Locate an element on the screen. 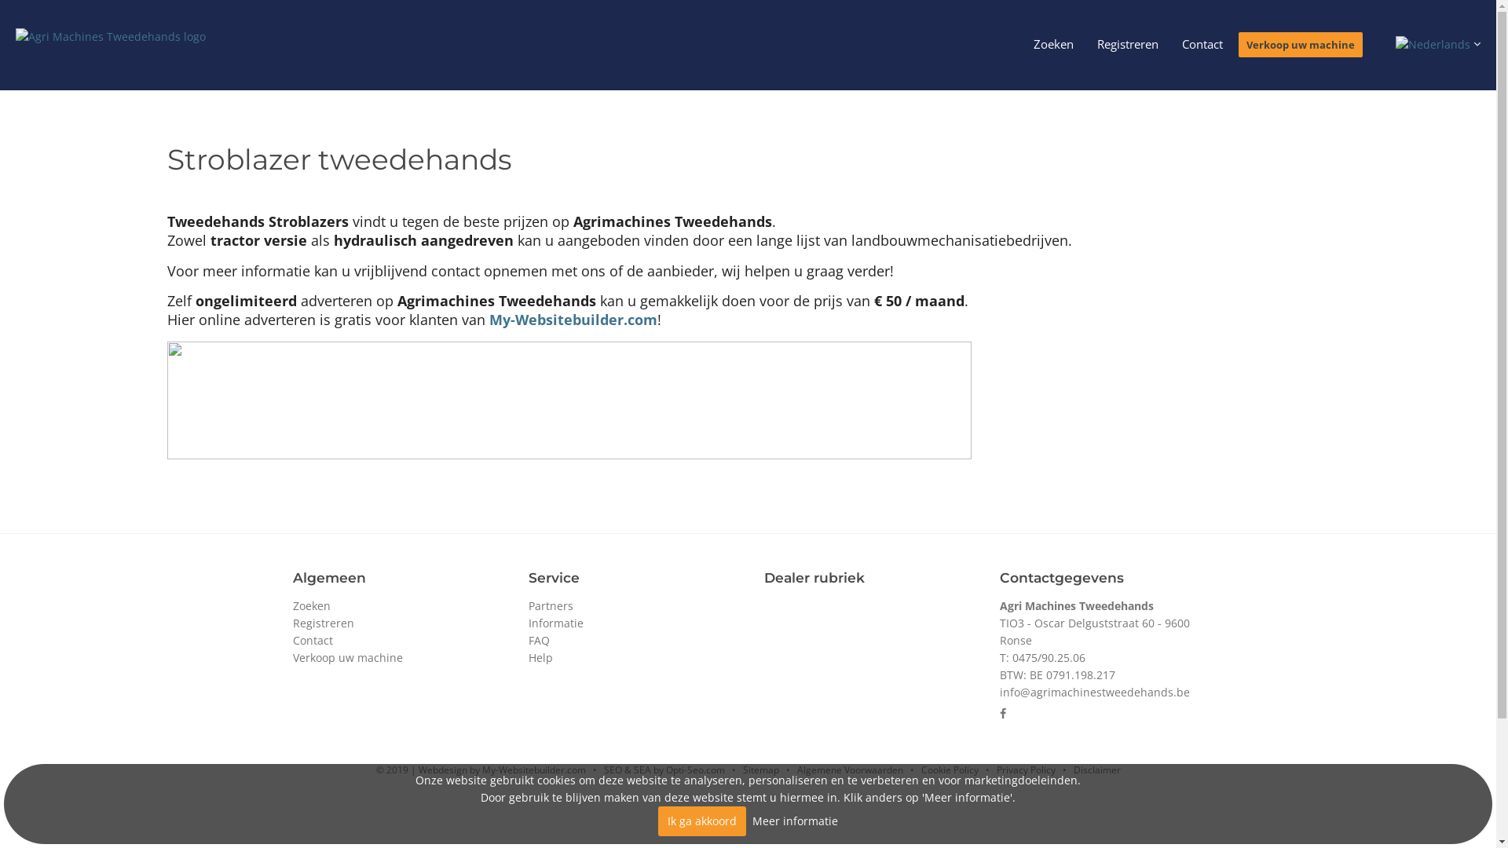 This screenshot has height=848, width=1508. 'Algemene Voorwaarden' is located at coordinates (848, 769).